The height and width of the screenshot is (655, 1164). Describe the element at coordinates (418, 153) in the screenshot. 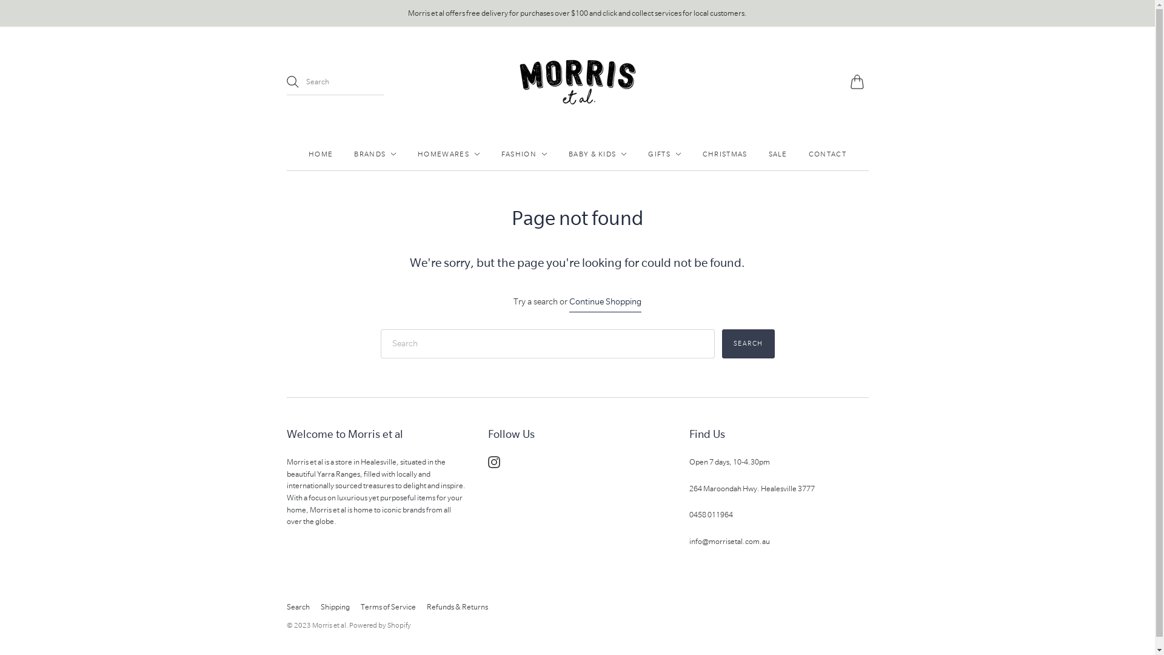

I see `'HOMEWARES'` at that location.